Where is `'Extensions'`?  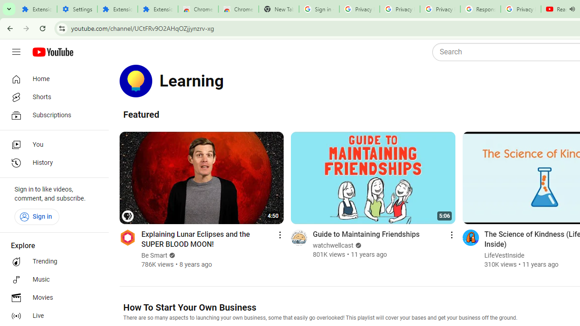 'Extensions' is located at coordinates (158, 9).